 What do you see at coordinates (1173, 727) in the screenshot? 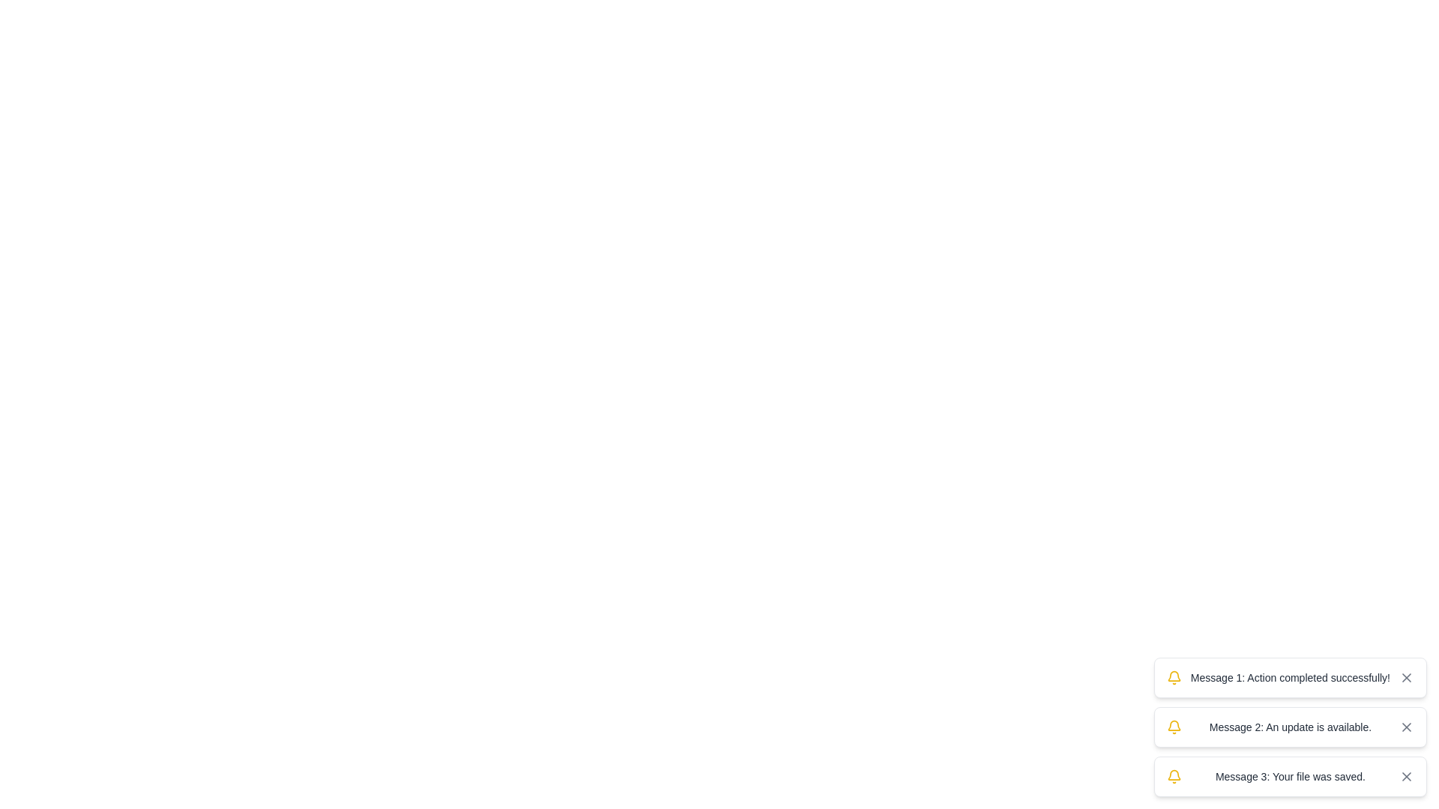
I see `the yellow bell icon in the second notification labeled 'Message 2: An update is available.'` at bounding box center [1173, 727].